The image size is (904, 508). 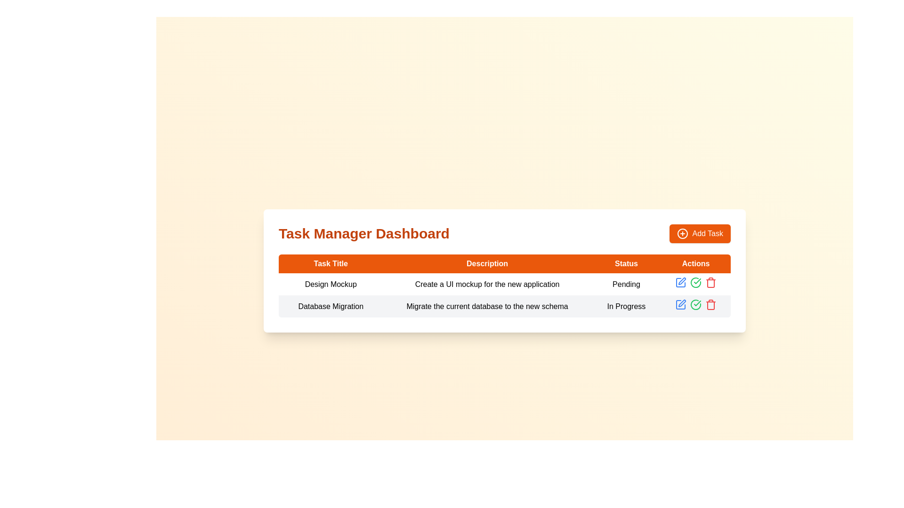 What do you see at coordinates (487, 284) in the screenshot?
I see `the Text label that describes the task entry for 'Design Mockup' in the second column of the first row of the task management interface` at bounding box center [487, 284].